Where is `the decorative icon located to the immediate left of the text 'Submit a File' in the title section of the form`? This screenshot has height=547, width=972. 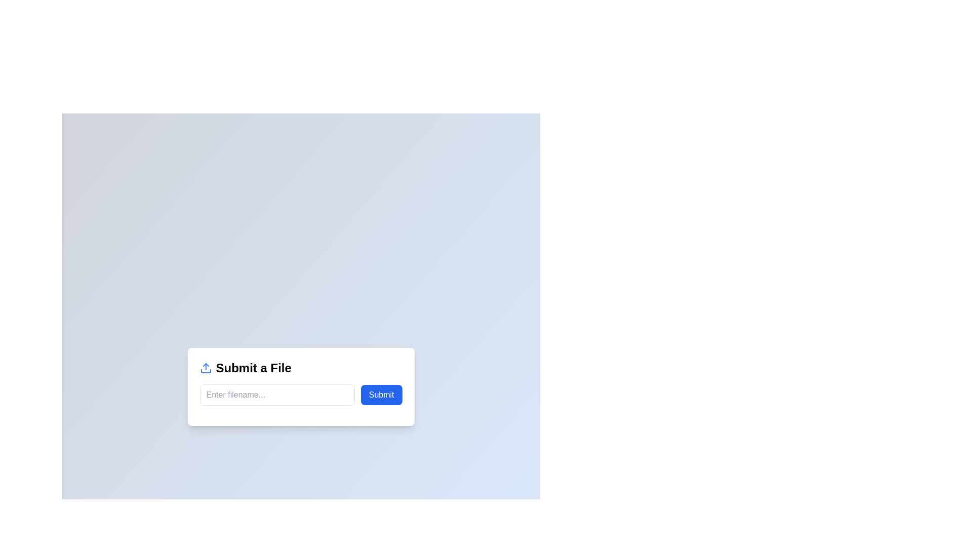 the decorative icon located to the immediate left of the text 'Submit a File' in the title section of the form is located at coordinates (205, 368).